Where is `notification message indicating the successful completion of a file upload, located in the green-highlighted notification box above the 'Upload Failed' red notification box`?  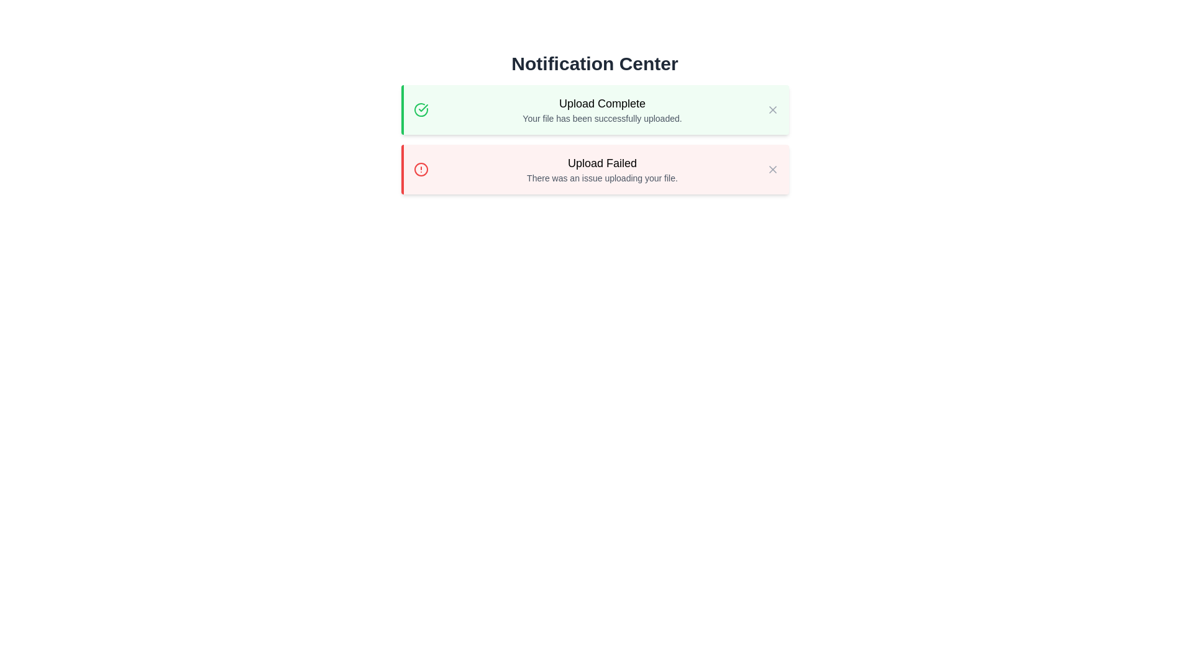
notification message indicating the successful completion of a file upload, located in the green-highlighted notification box above the 'Upload Failed' red notification box is located at coordinates (602, 109).